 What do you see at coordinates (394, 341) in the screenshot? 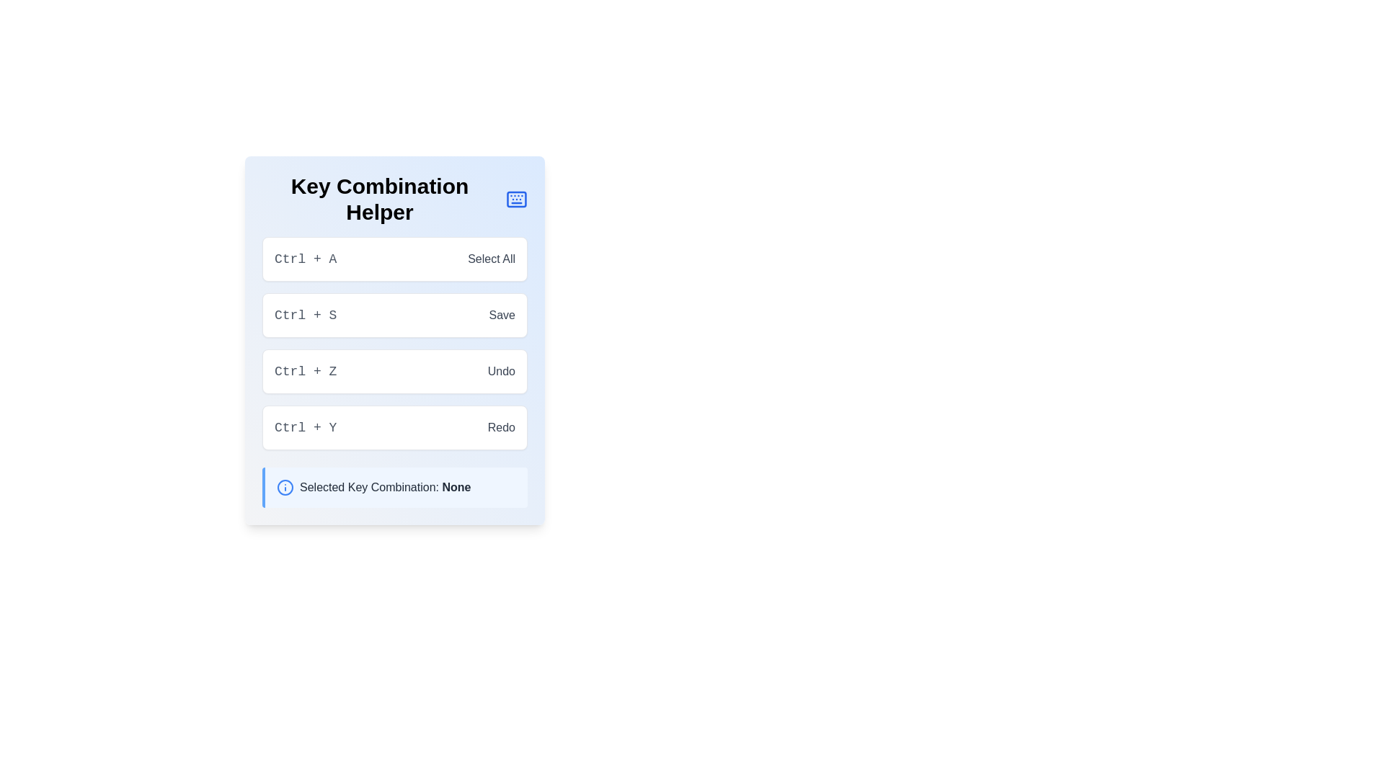
I see `the Informational display panel that lists key combinations and their respective actions, located beneath the title 'Key Combination Helper'` at bounding box center [394, 341].